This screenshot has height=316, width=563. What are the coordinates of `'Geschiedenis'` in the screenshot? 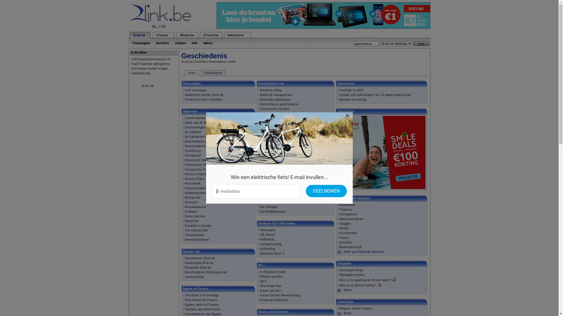 It's located at (208, 61).